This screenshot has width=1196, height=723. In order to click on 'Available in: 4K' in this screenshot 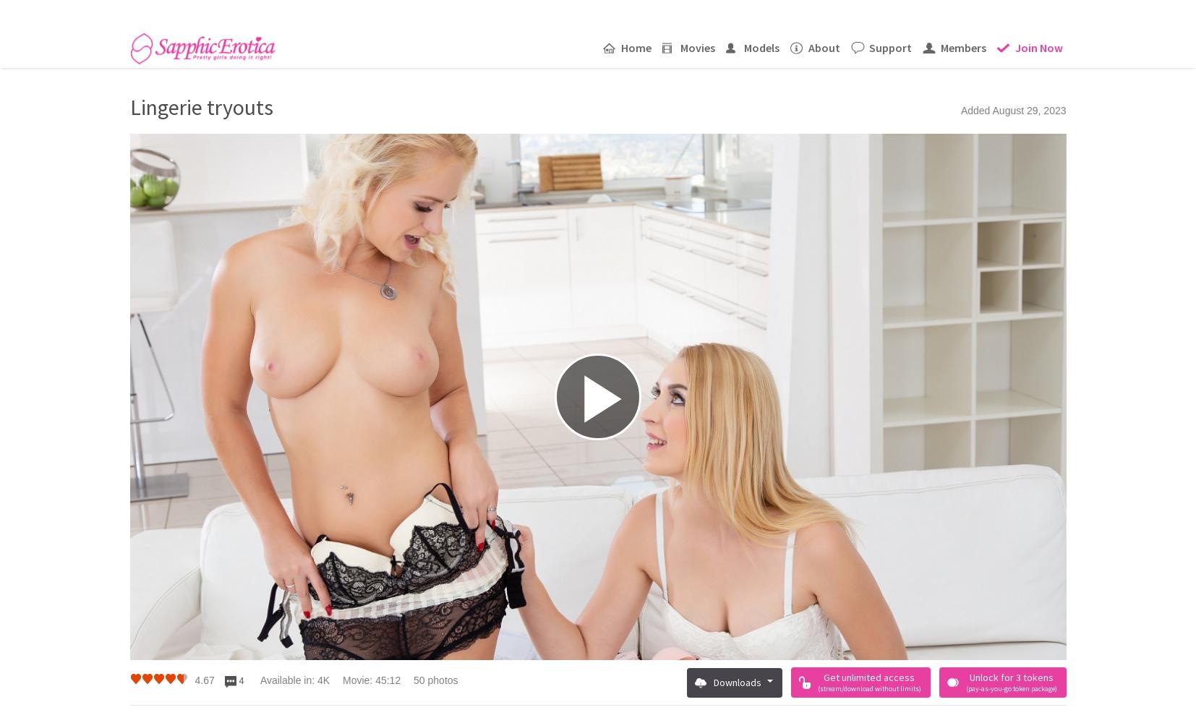, I will do `click(294, 680)`.